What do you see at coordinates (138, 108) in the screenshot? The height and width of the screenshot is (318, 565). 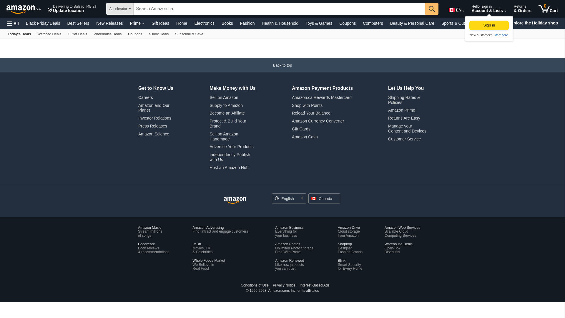 I see `'Amazon and Our Planet'` at bounding box center [138, 108].